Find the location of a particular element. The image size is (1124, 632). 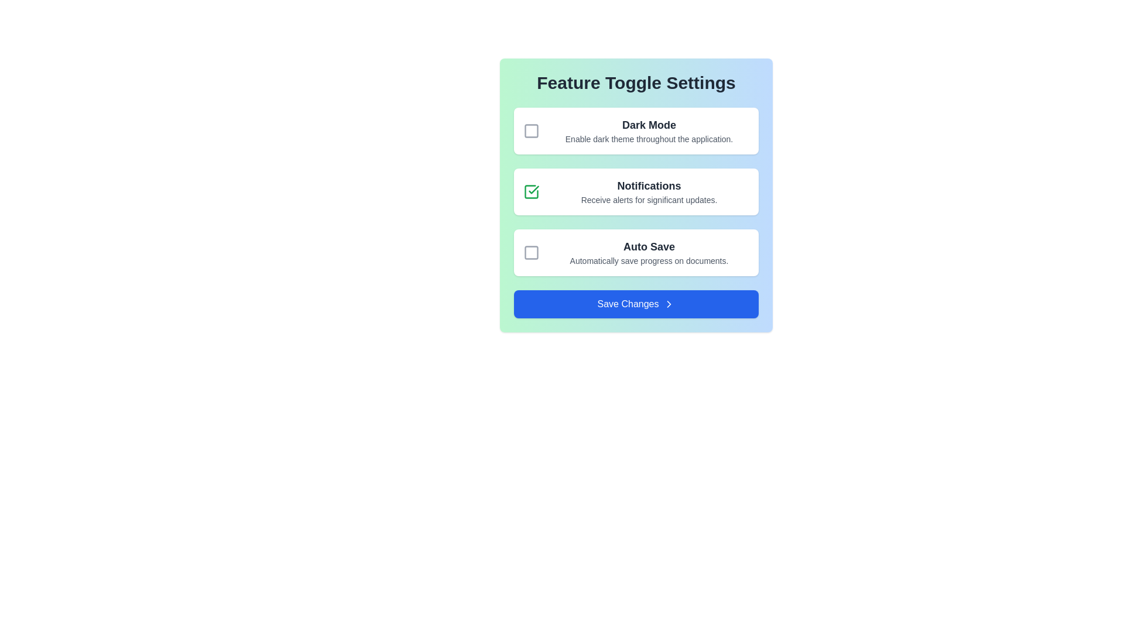

the descriptive text area titled 'Dark Mode' which displays information about the feature, positioned first in the list under 'Feature Toggle Settings' is located at coordinates (648, 130).